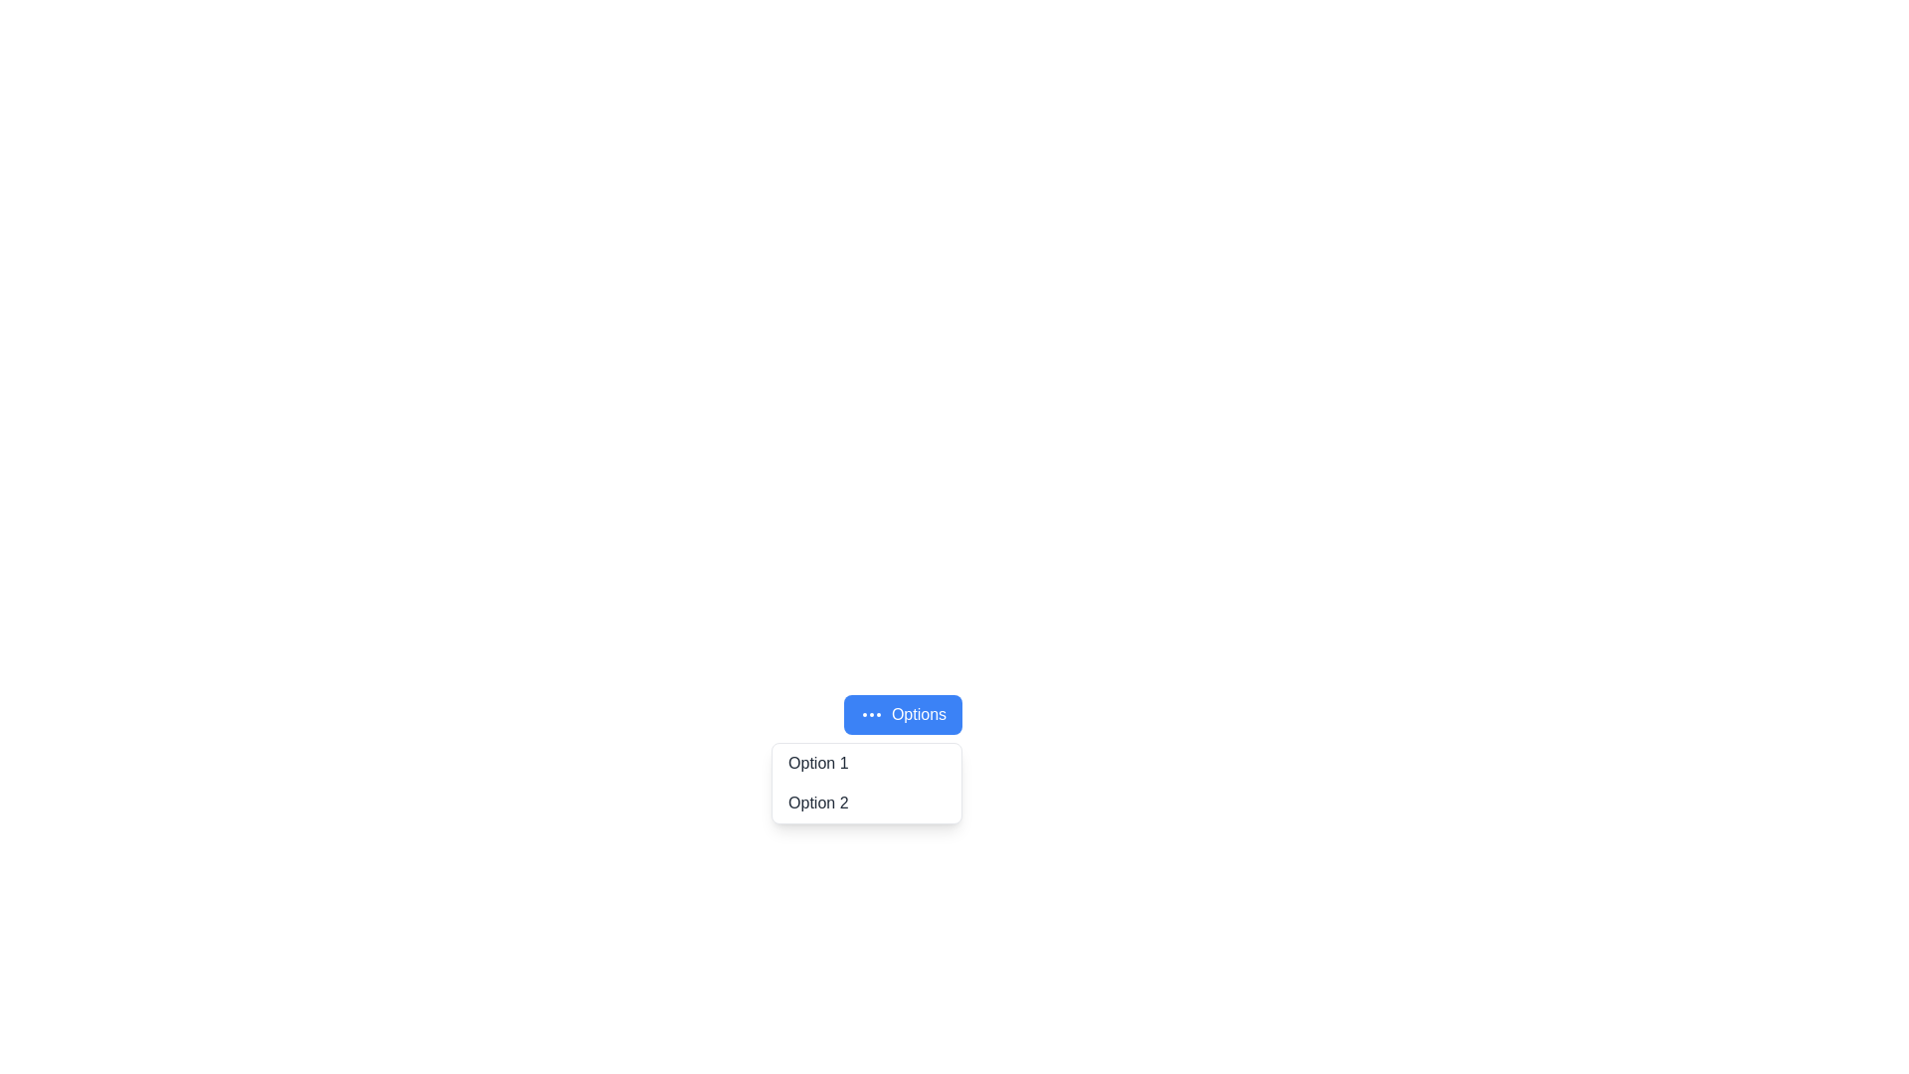 This screenshot has height=1074, width=1909. Describe the element at coordinates (902, 713) in the screenshot. I see `the dropdown trigger button located at the top center of its enclosing area` at that location.